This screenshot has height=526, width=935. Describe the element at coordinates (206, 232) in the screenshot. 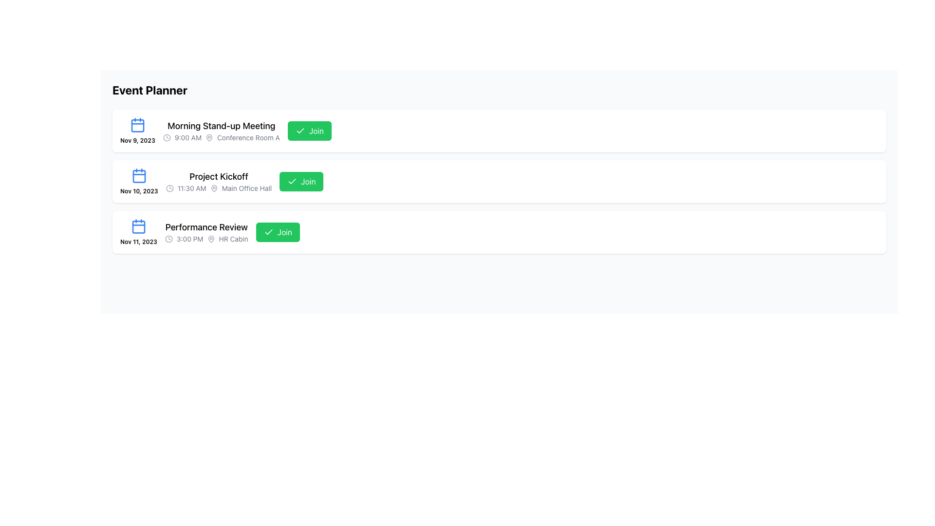

I see `the event listing element located in the third row of the vertical list, which displays an event's type, time, and location, to potentially reveal more details` at that location.